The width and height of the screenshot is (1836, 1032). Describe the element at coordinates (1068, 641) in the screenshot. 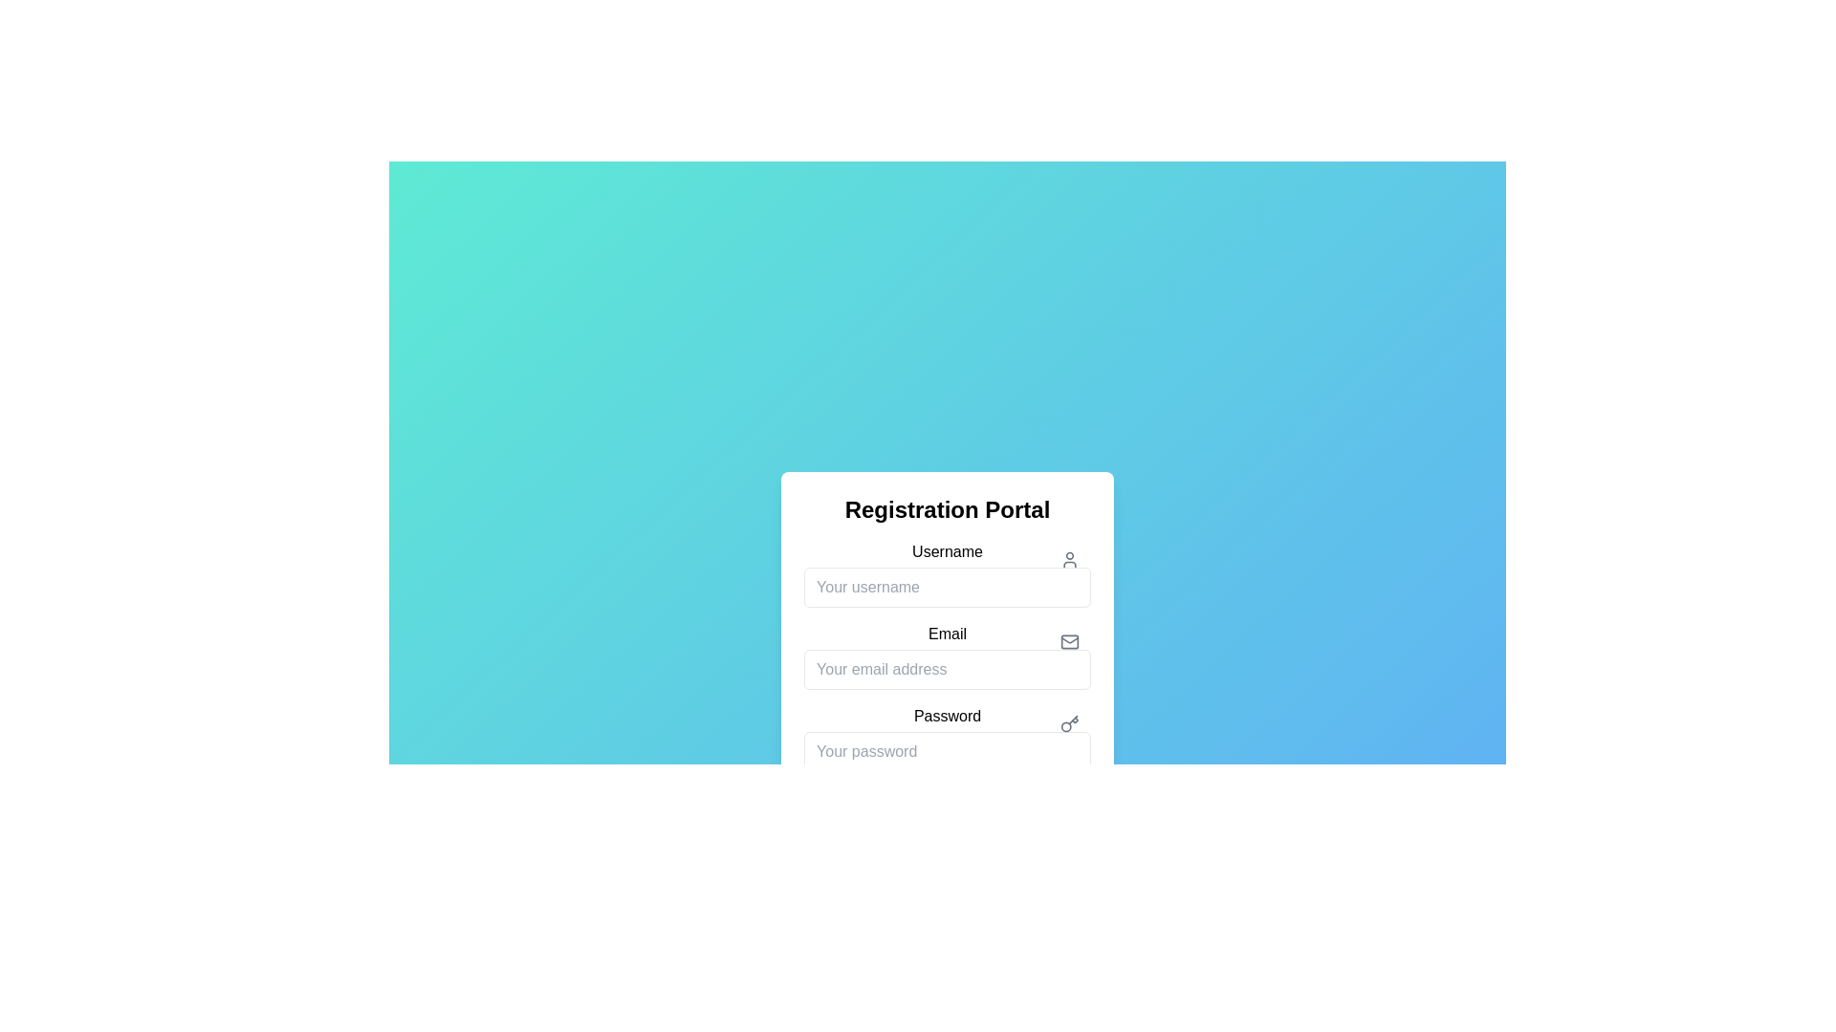

I see `the email input field by clicking the decorative icon that visually indicates the purpose of the input` at that location.